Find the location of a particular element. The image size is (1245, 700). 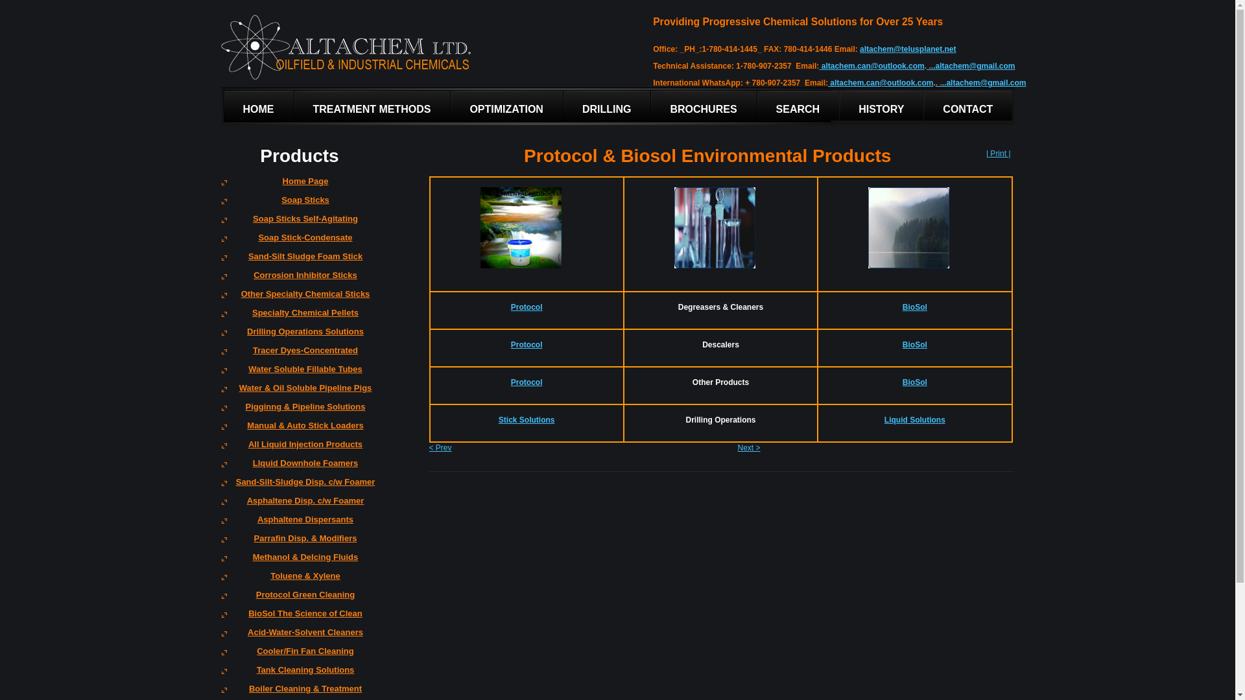

'..altachem@gmail.com' is located at coordinates (973, 65).